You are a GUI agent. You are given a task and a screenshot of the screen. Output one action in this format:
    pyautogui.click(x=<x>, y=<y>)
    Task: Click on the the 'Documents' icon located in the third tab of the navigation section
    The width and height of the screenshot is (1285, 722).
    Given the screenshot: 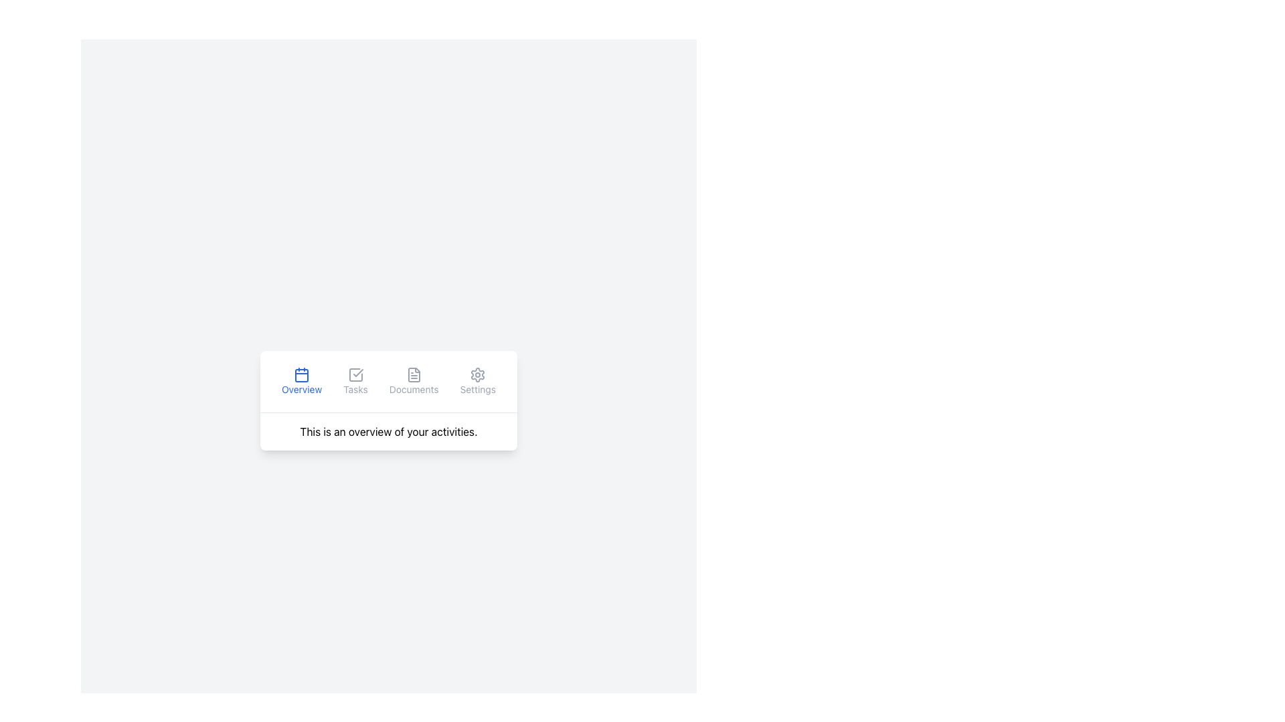 What is the action you would take?
    pyautogui.click(x=413, y=374)
    